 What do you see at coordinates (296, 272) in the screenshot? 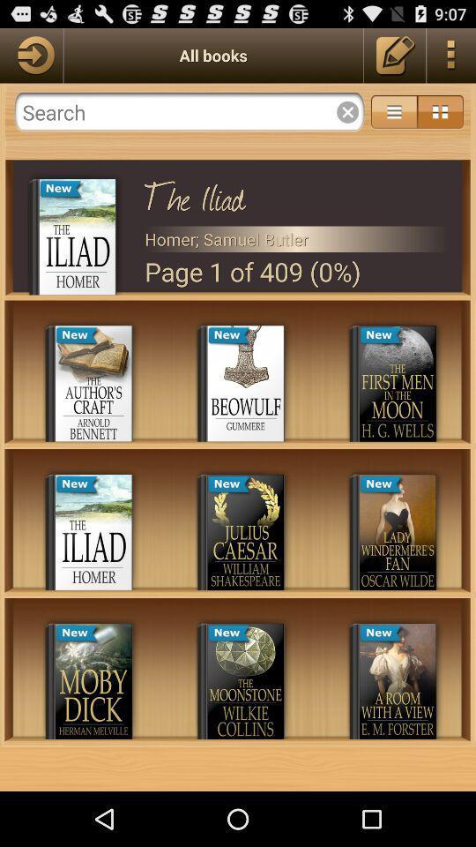
I see `item below the homer; samuel butler icon` at bounding box center [296, 272].